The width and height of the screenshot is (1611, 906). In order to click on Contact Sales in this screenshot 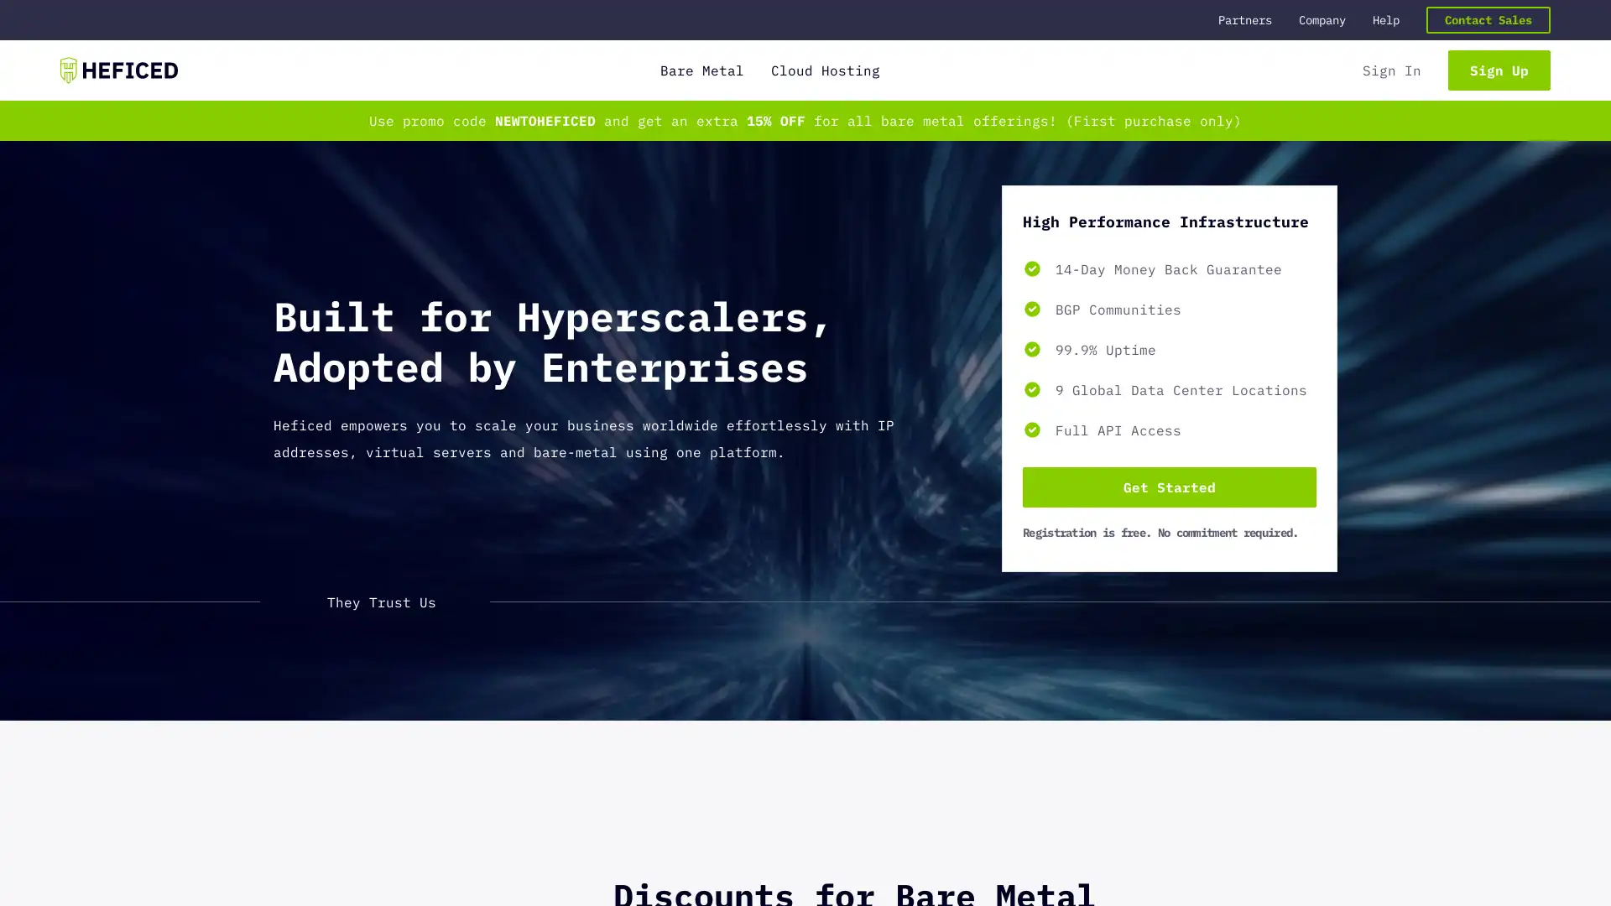, I will do `click(1488, 19)`.